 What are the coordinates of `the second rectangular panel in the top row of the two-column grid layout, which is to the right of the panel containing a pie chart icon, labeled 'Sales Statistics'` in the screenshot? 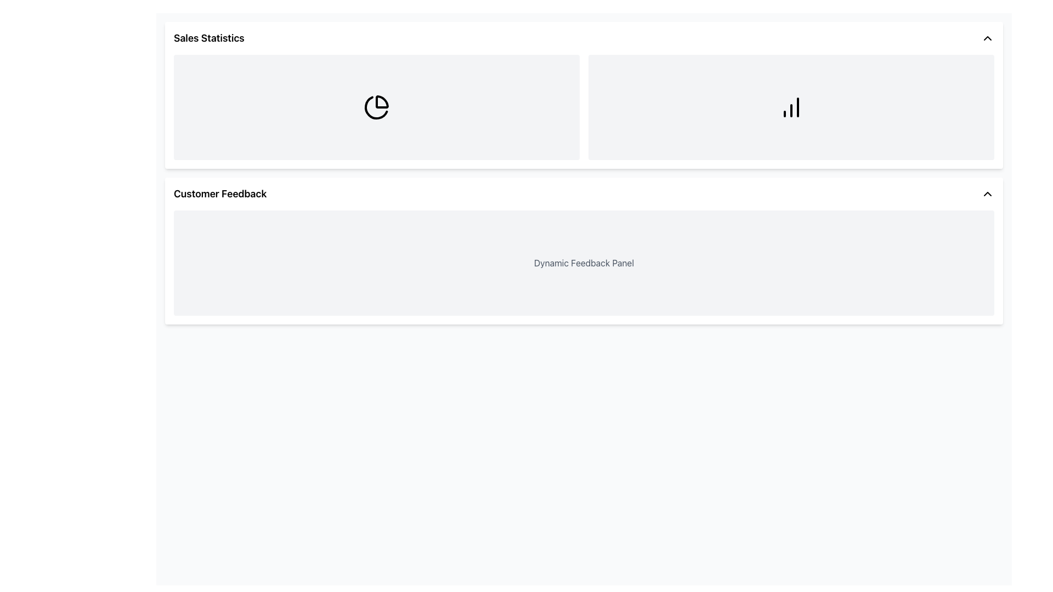 It's located at (791, 107).